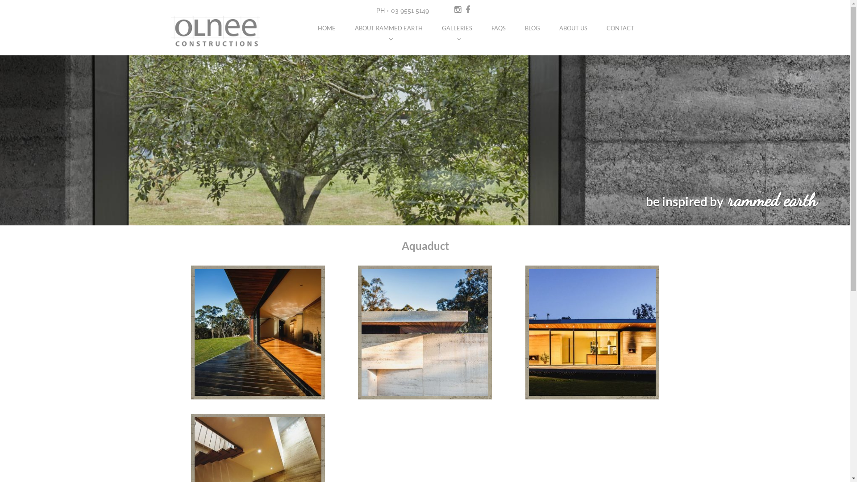 The width and height of the screenshot is (857, 482). Describe the element at coordinates (620, 23) in the screenshot. I see `'CONTACT'` at that location.